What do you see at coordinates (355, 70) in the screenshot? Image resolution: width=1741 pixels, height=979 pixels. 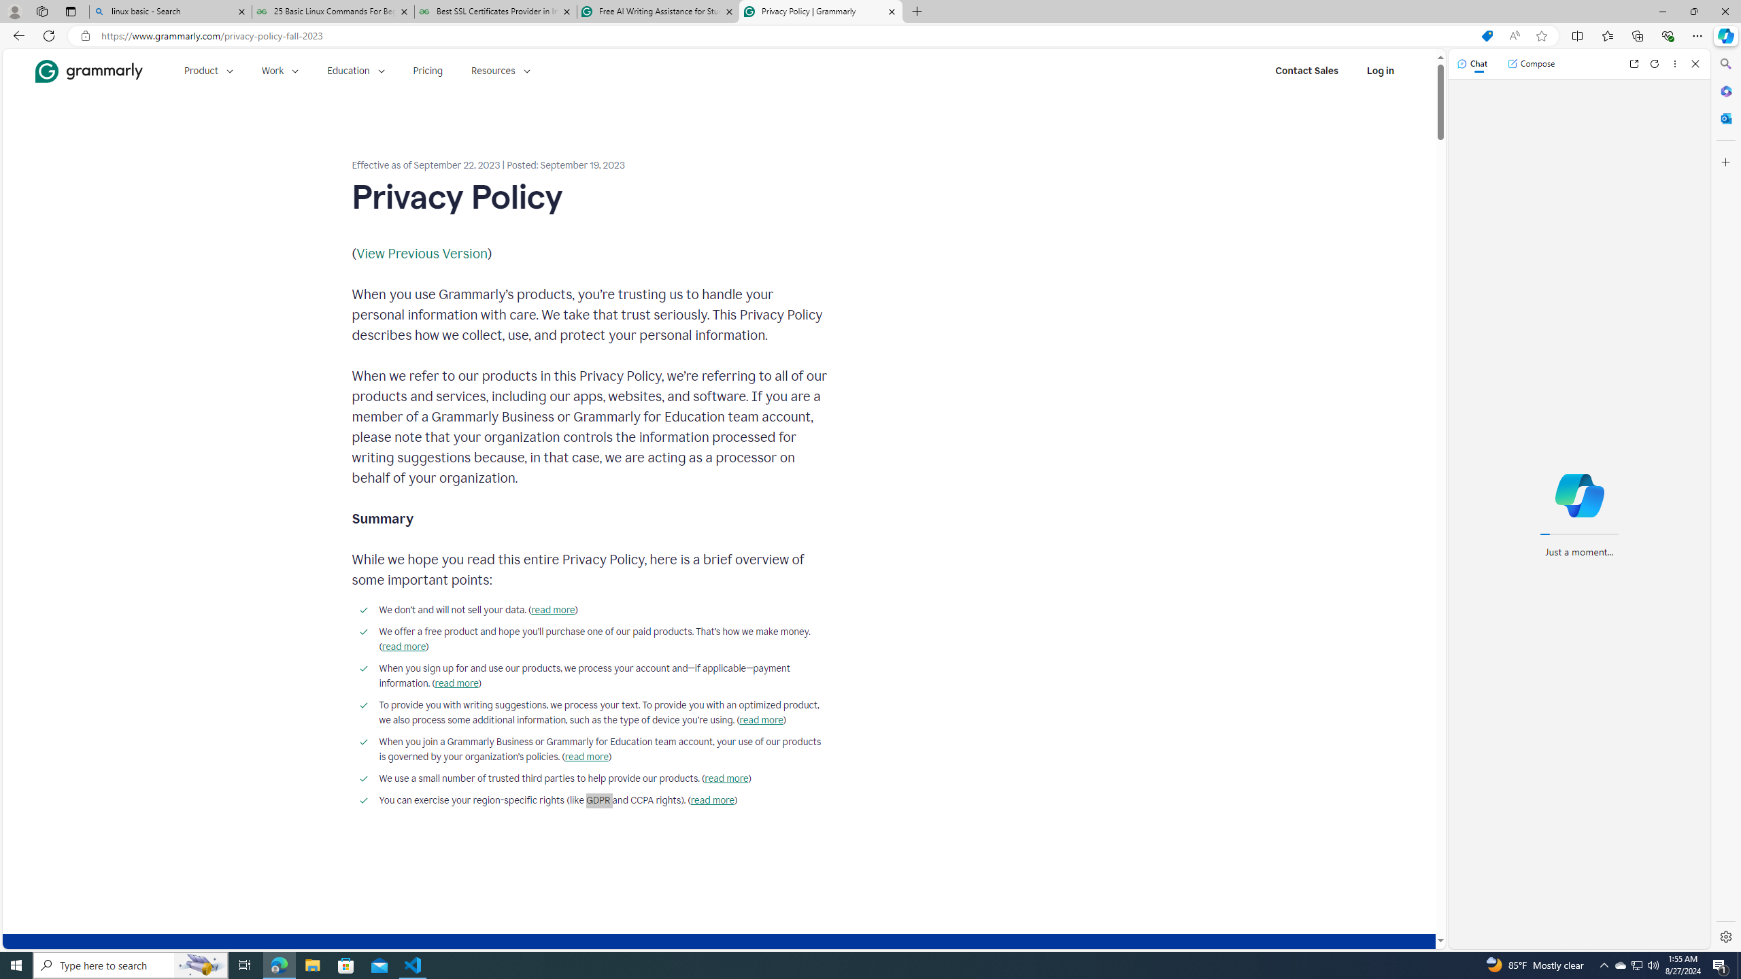 I see `'Education'` at bounding box center [355, 70].